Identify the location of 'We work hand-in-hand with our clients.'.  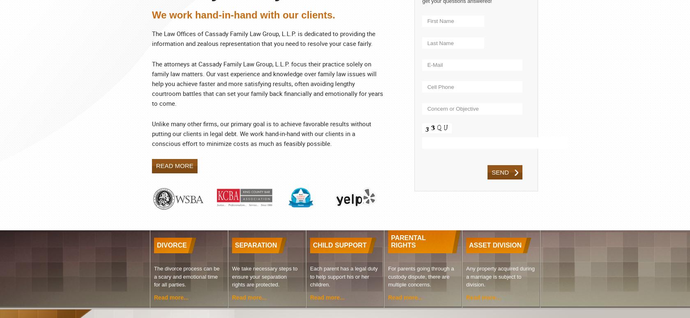
(244, 14).